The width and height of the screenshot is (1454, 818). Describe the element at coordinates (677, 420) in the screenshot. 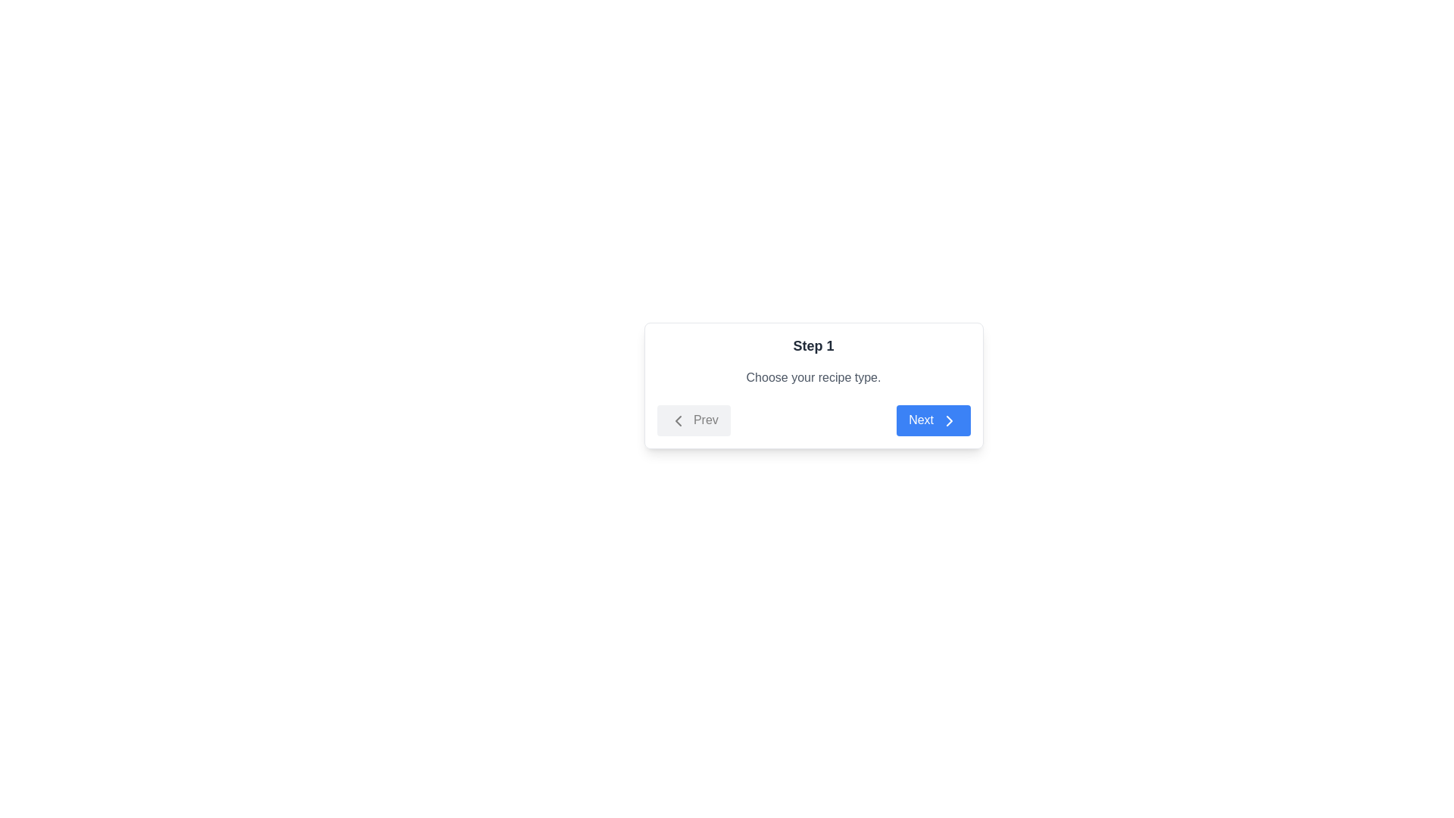

I see `the 'Prev' button, which features a chevron icon for backward navigation in the step-based interface` at that location.